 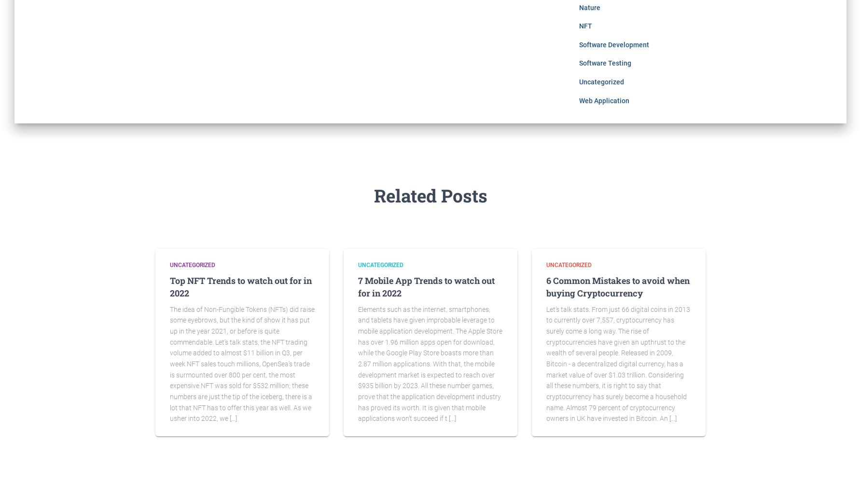 I want to click on 'Web Application', so click(x=603, y=100).